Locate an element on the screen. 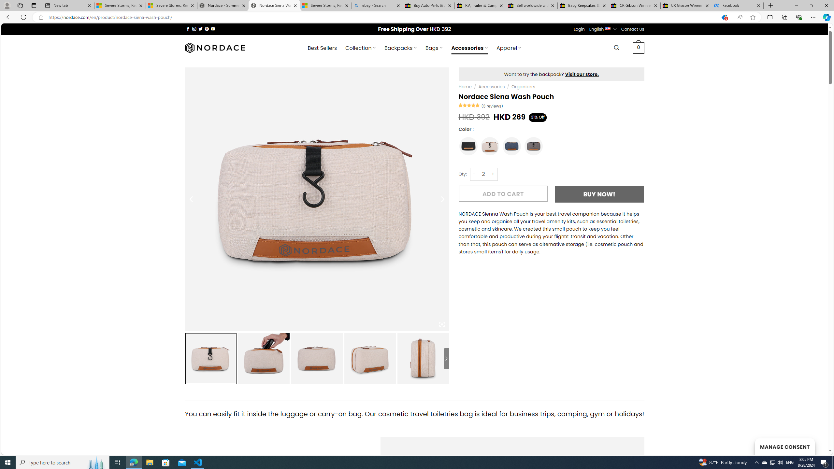 The image size is (834, 469). 'Nordace - Summer Adventures 2024' is located at coordinates (223, 5).